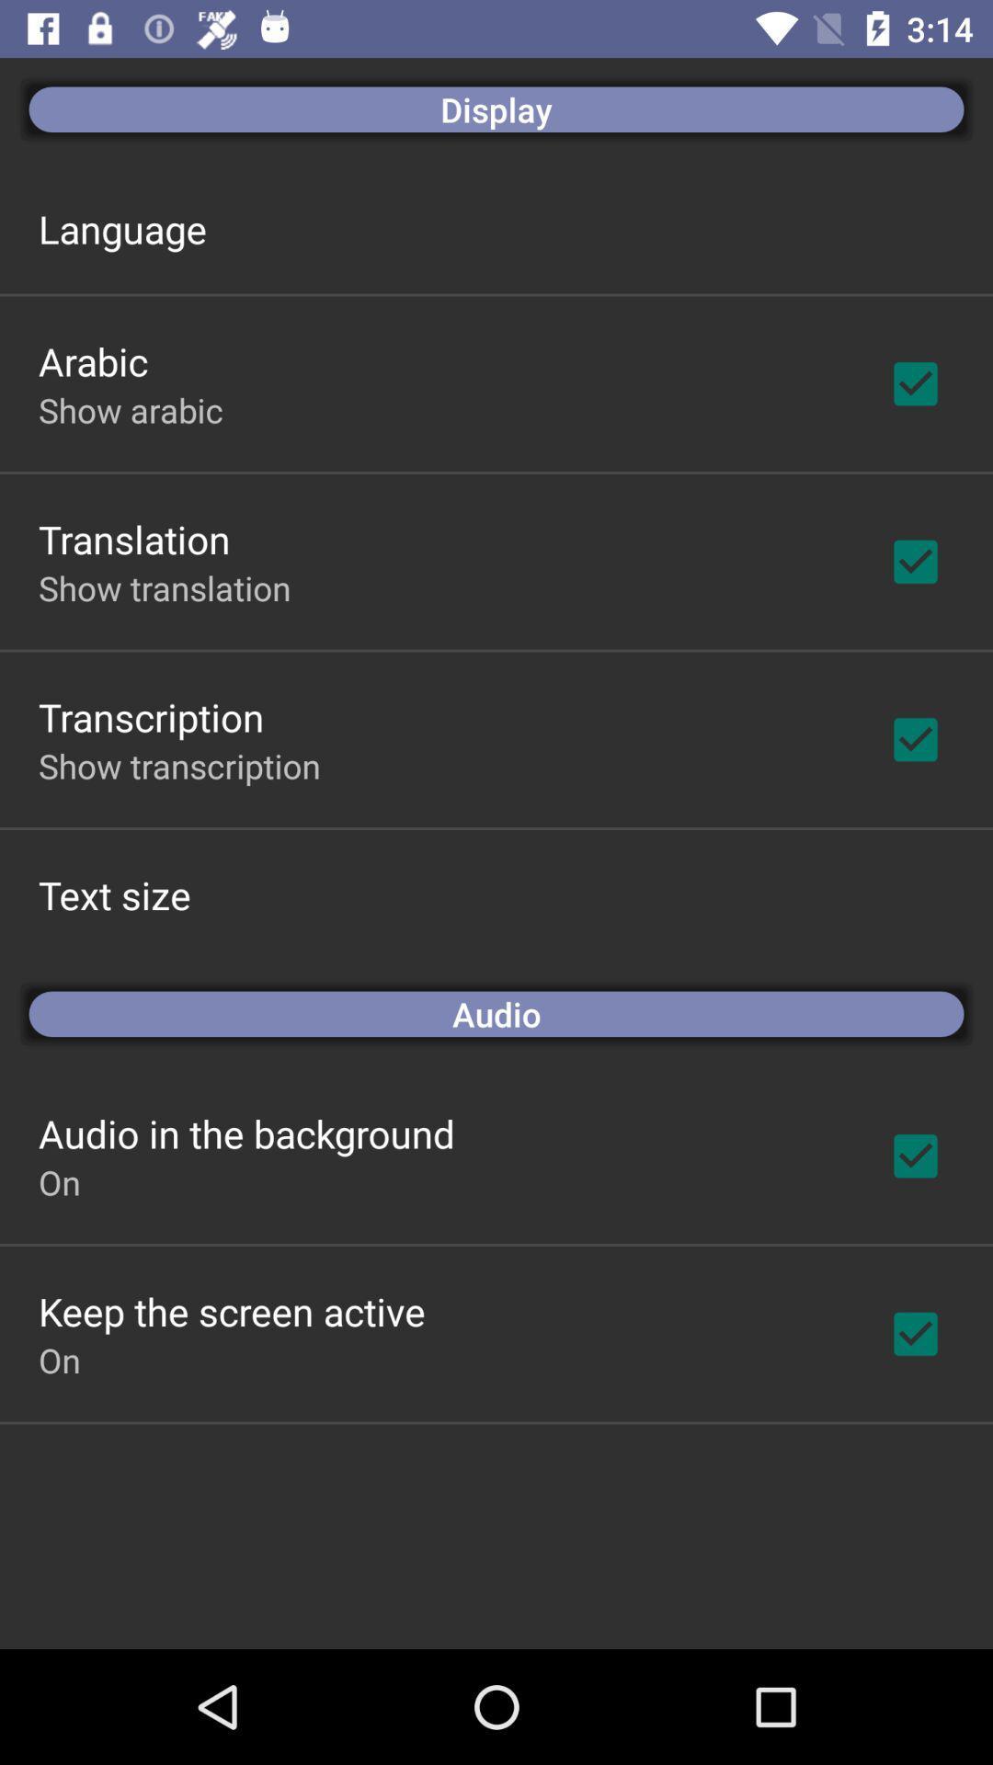  What do you see at coordinates (164, 586) in the screenshot?
I see `show translation app` at bounding box center [164, 586].